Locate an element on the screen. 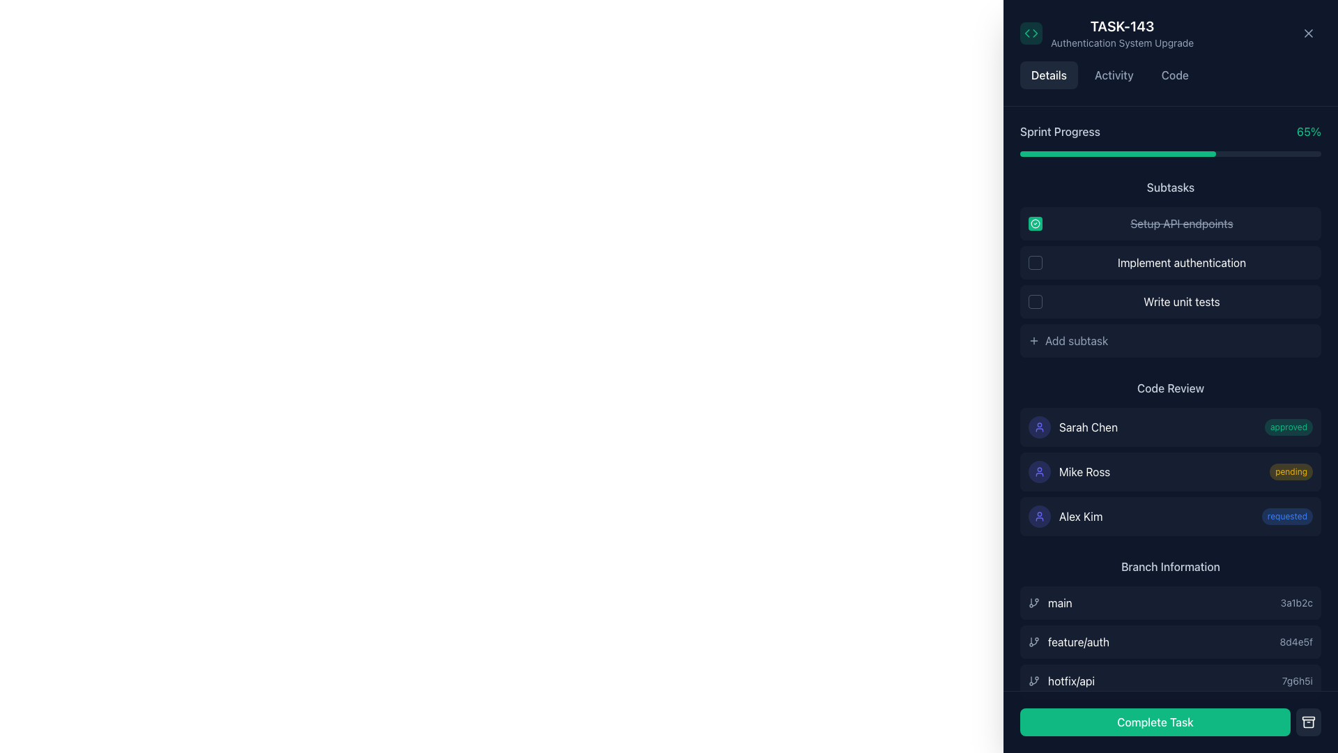  displayed identifier from the Text Label located at the end of the 'hotfix/api' row in the 'Branch Information' section is located at coordinates (1296, 680).